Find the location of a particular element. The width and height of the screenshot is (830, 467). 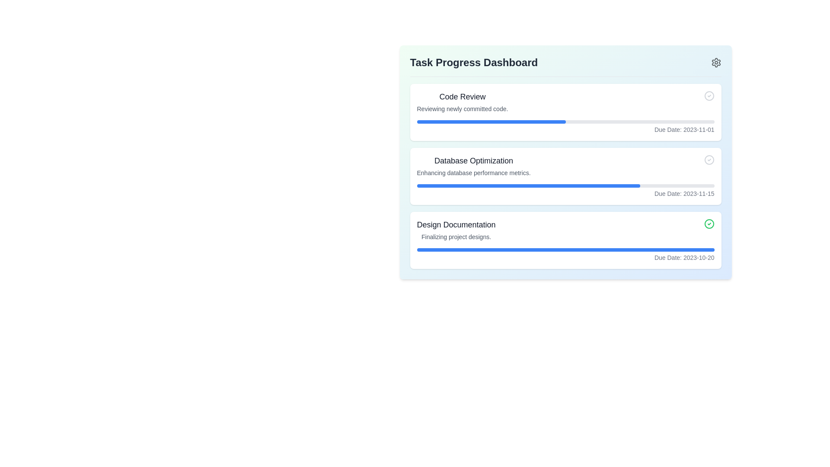

the progress bar indicating 50% completion within the 'Code Review' task block is located at coordinates (491, 122).